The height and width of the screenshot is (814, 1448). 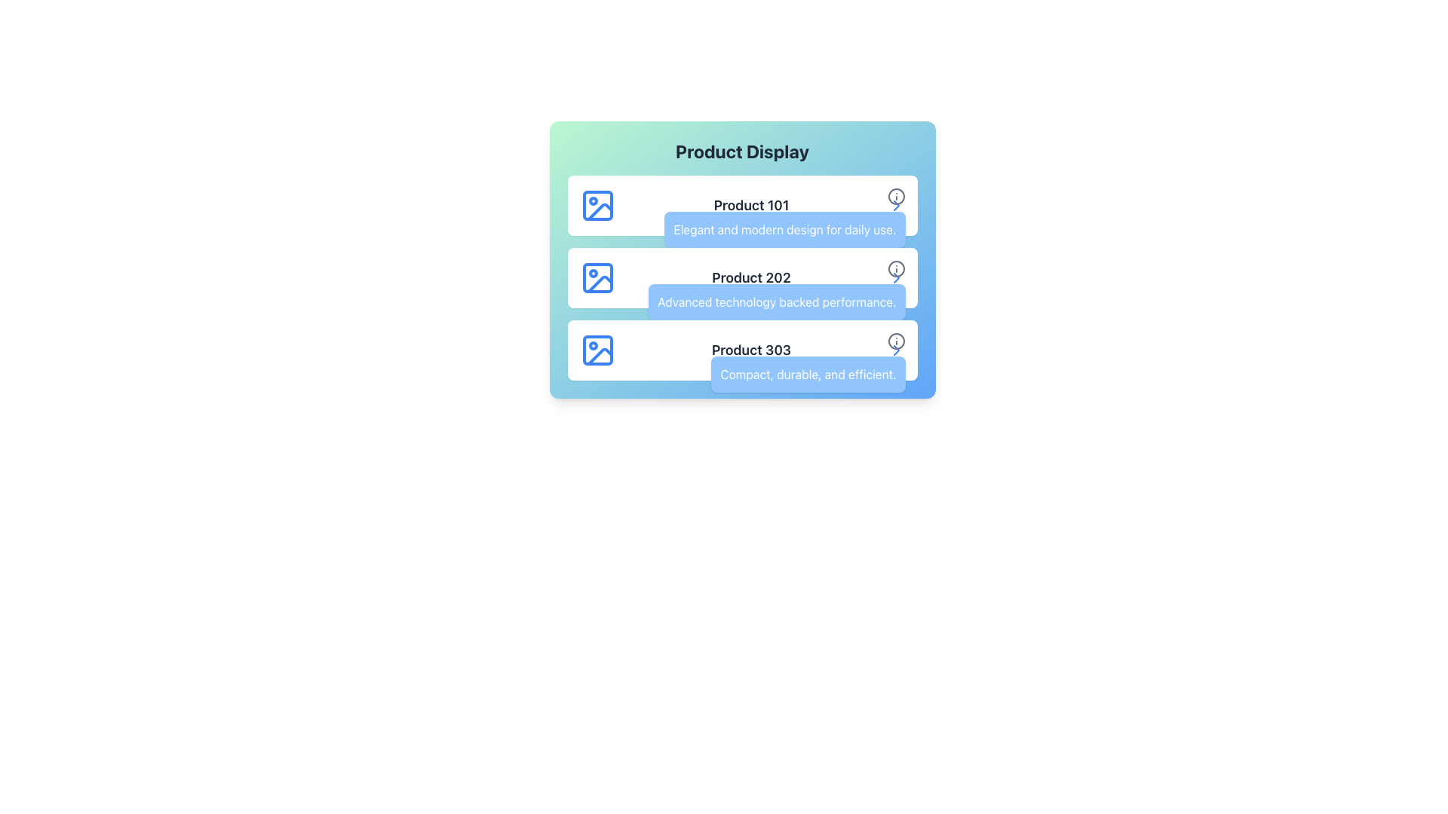 I want to click on descriptive text label for Product 303, which is located below the Product 303 title in the third product listing, aligned to the right side, so click(x=807, y=374).